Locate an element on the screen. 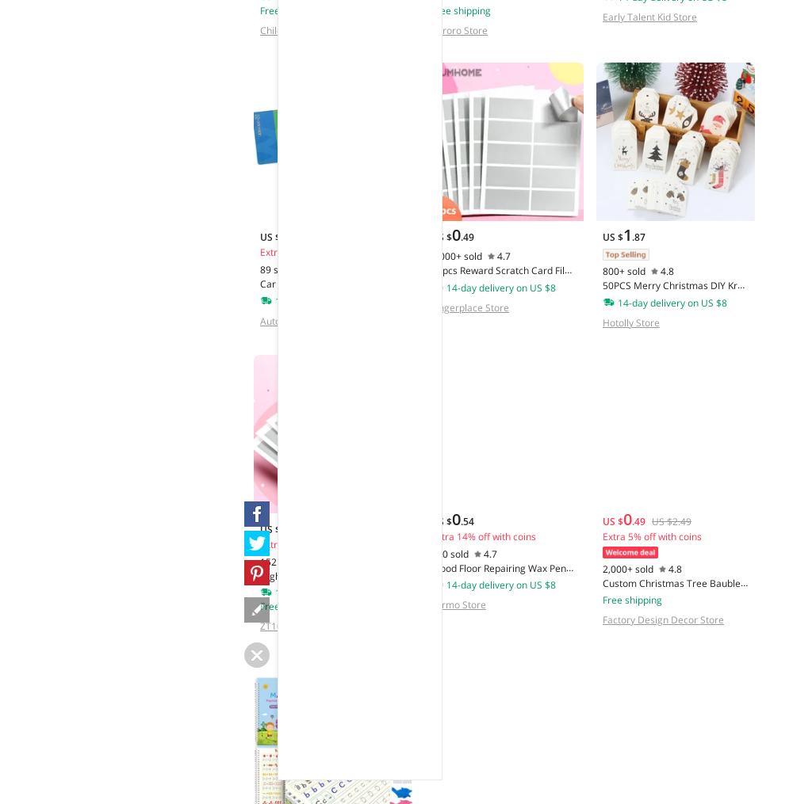 The height and width of the screenshot is (804, 793). '78' is located at coordinates (297, 528).